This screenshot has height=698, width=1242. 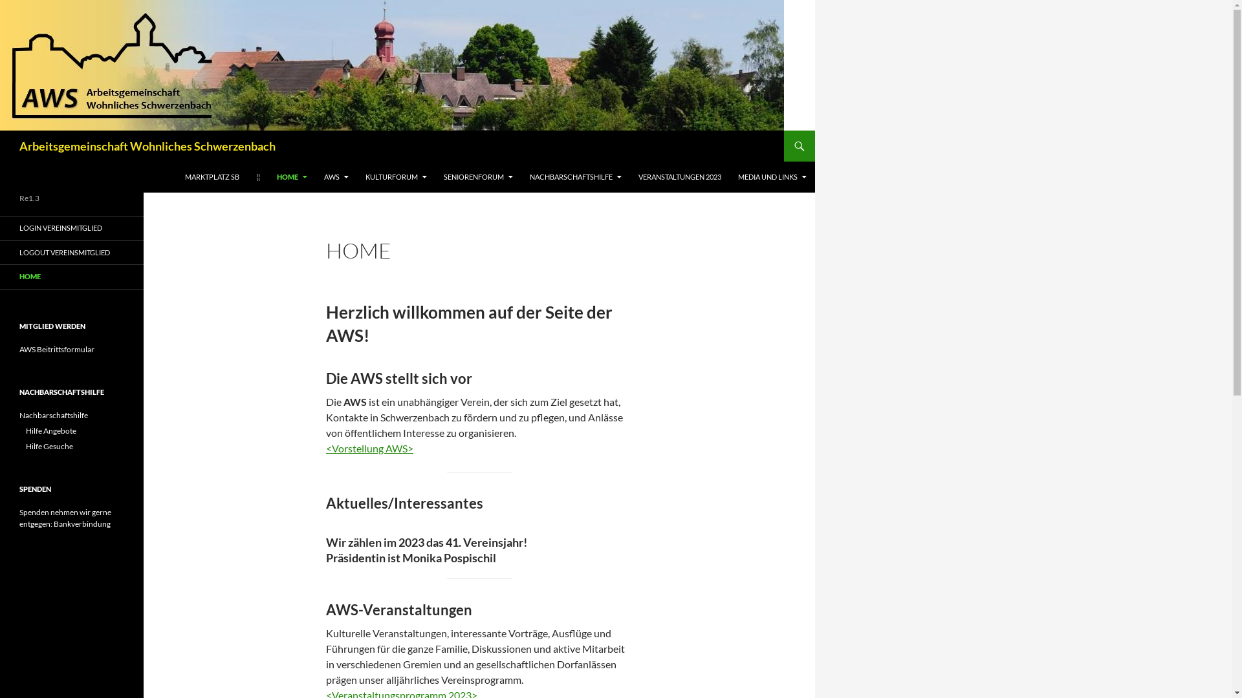 What do you see at coordinates (50, 430) in the screenshot?
I see `'Hilfe Angebote'` at bounding box center [50, 430].